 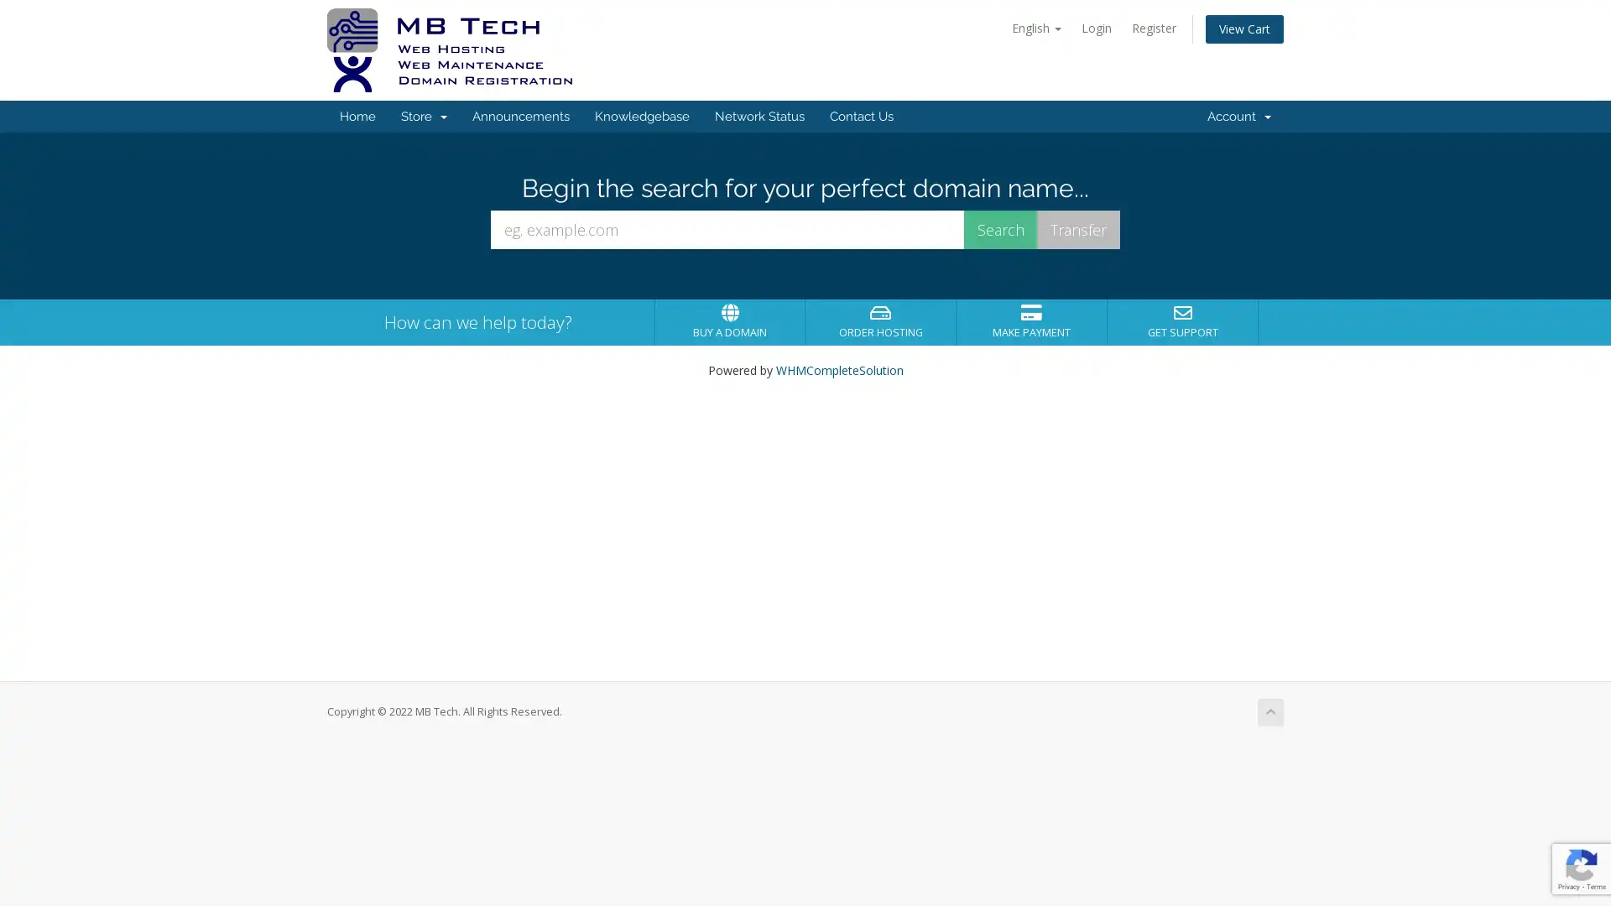 What do you see at coordinates (1078, 229) in the screenshot?
I see `Transfer` at bounding box center [1078, 229].